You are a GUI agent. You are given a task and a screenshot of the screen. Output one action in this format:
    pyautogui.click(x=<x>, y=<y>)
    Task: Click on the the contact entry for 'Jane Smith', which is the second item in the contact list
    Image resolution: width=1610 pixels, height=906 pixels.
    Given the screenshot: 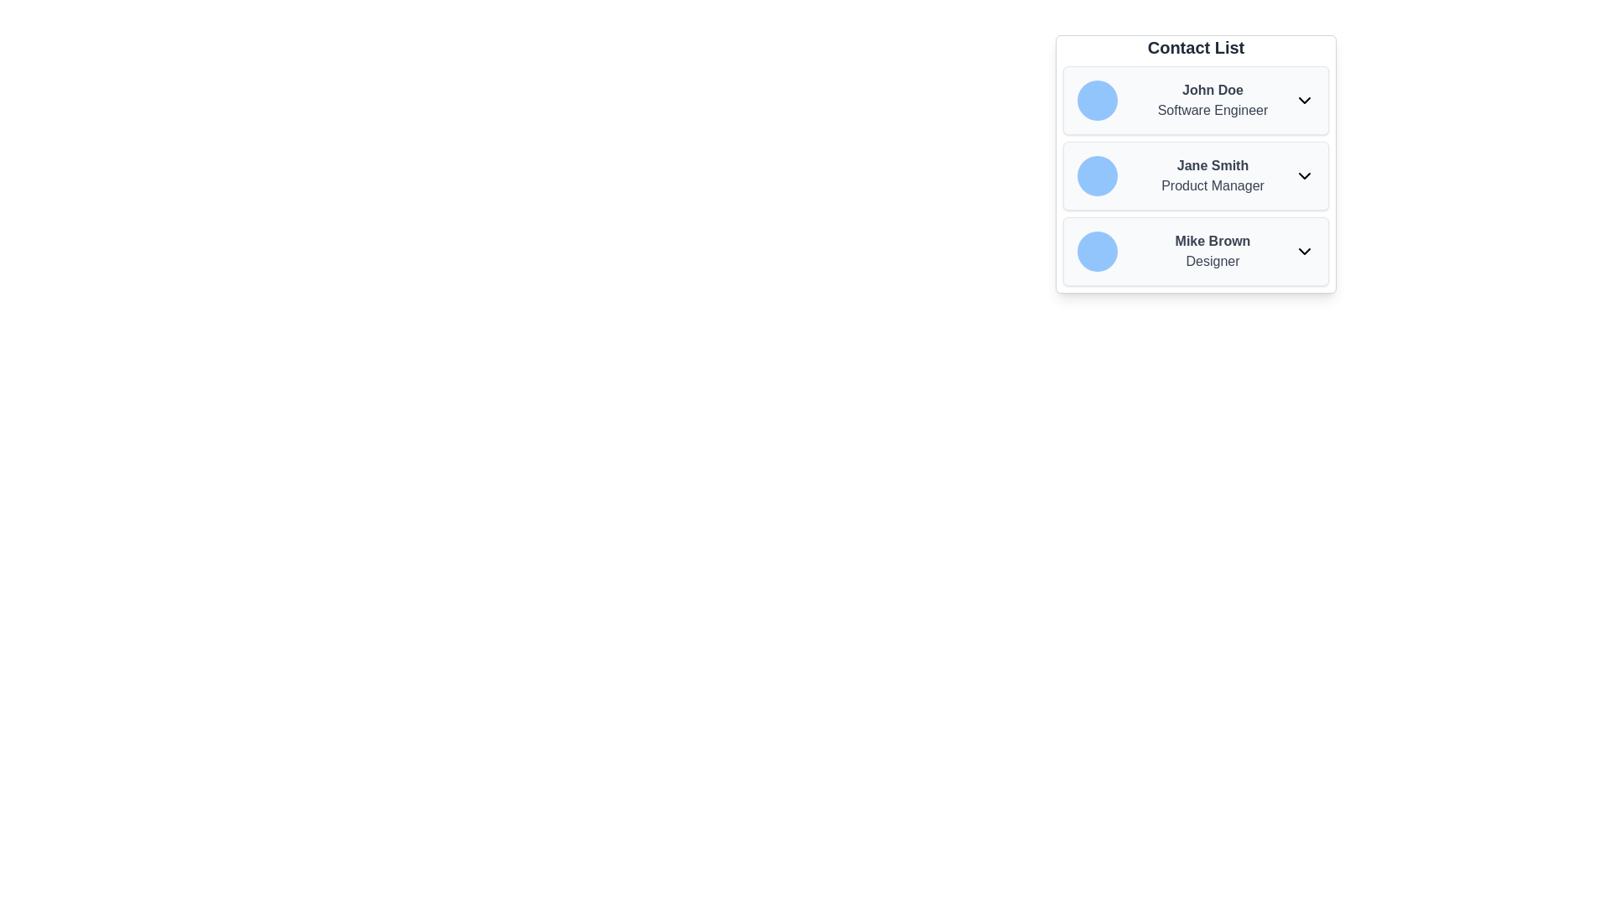 What is the action you would take?
    pyautogui.click(x=1195, y=175)
    